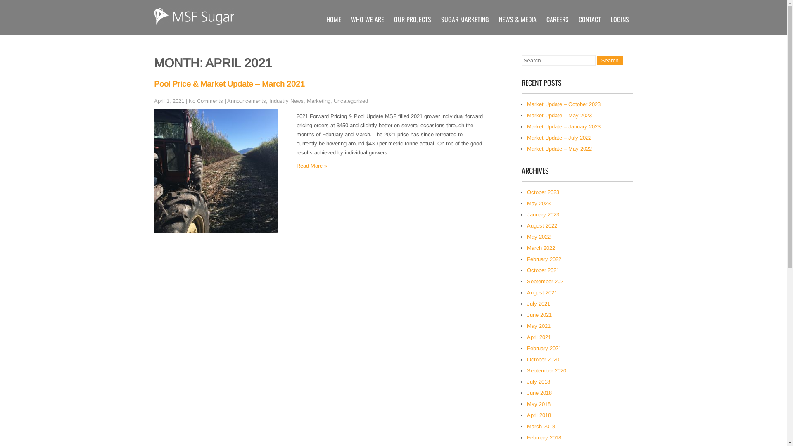 The width and height of the screenshot is (793, 446). Describe the element at coordinates (539, 325) in the screenshot. I see `'May 2021'` at that location.